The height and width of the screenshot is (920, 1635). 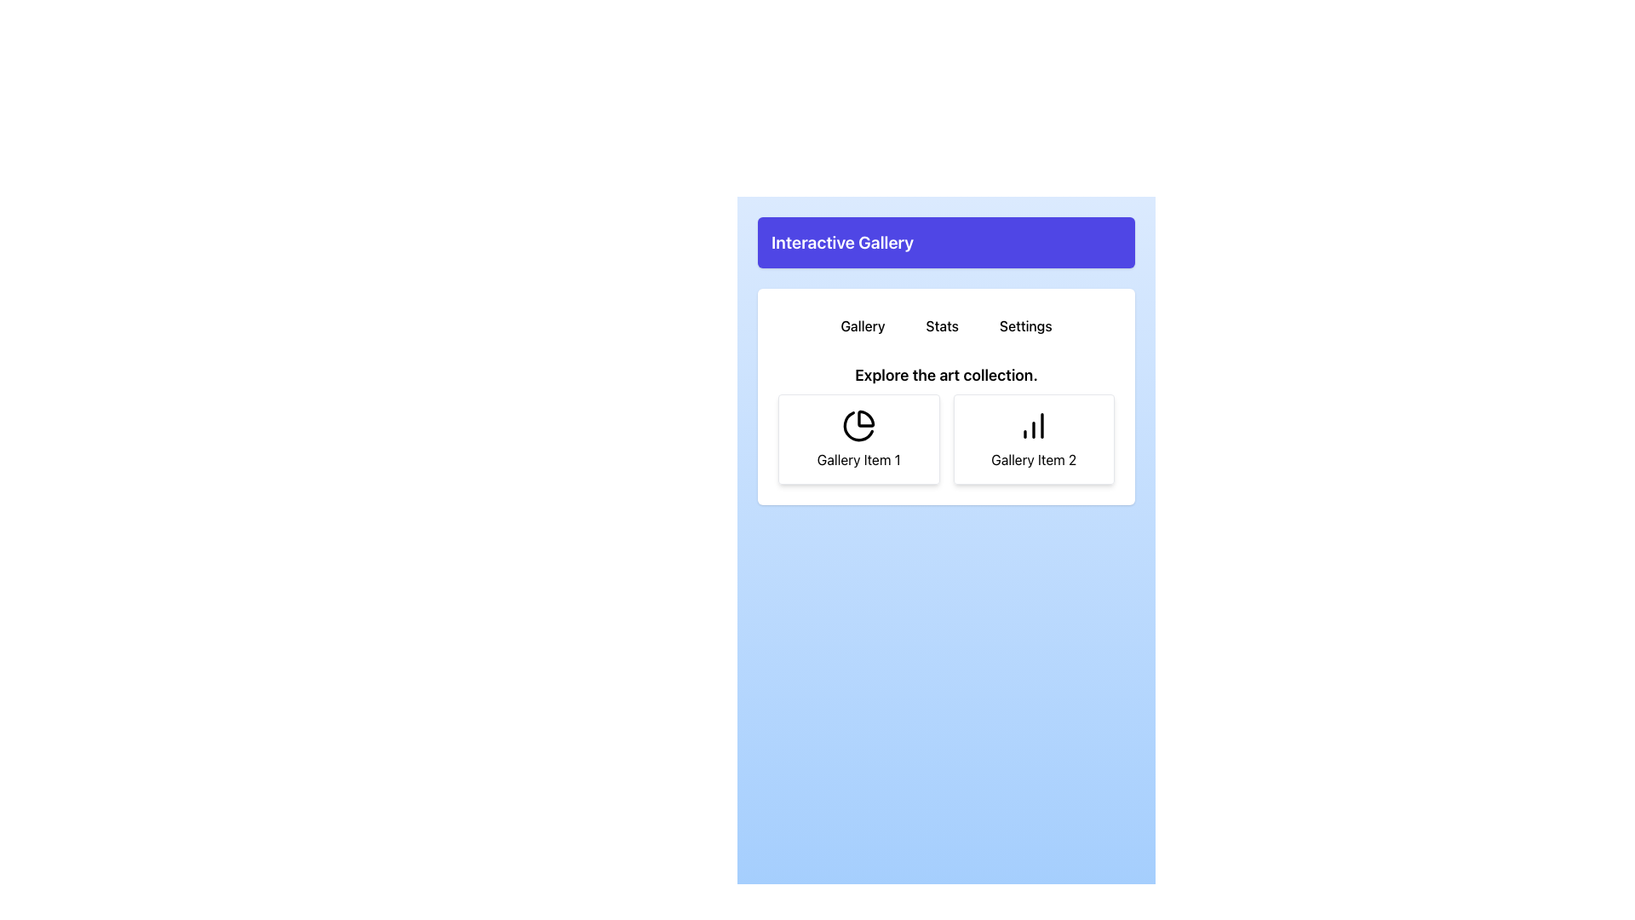 What do you see at coordinates (858, 425) in the screenshot?
I see `the pie chart icon with a black outline against a white background, located above the text 'Gallery Item 1' in the left card of the horizontally aligned pair of cards` at bounding box center [858, 425].